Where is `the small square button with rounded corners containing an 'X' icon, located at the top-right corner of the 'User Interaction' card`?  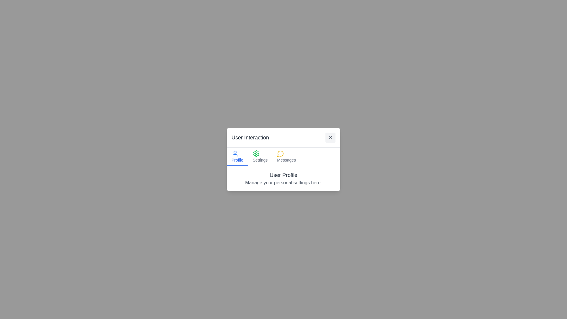
the small square button with rounded corners containing an 'X' icon, located at the top-right corner of the 'User Interaction' card is located at coordinates (330, 138).